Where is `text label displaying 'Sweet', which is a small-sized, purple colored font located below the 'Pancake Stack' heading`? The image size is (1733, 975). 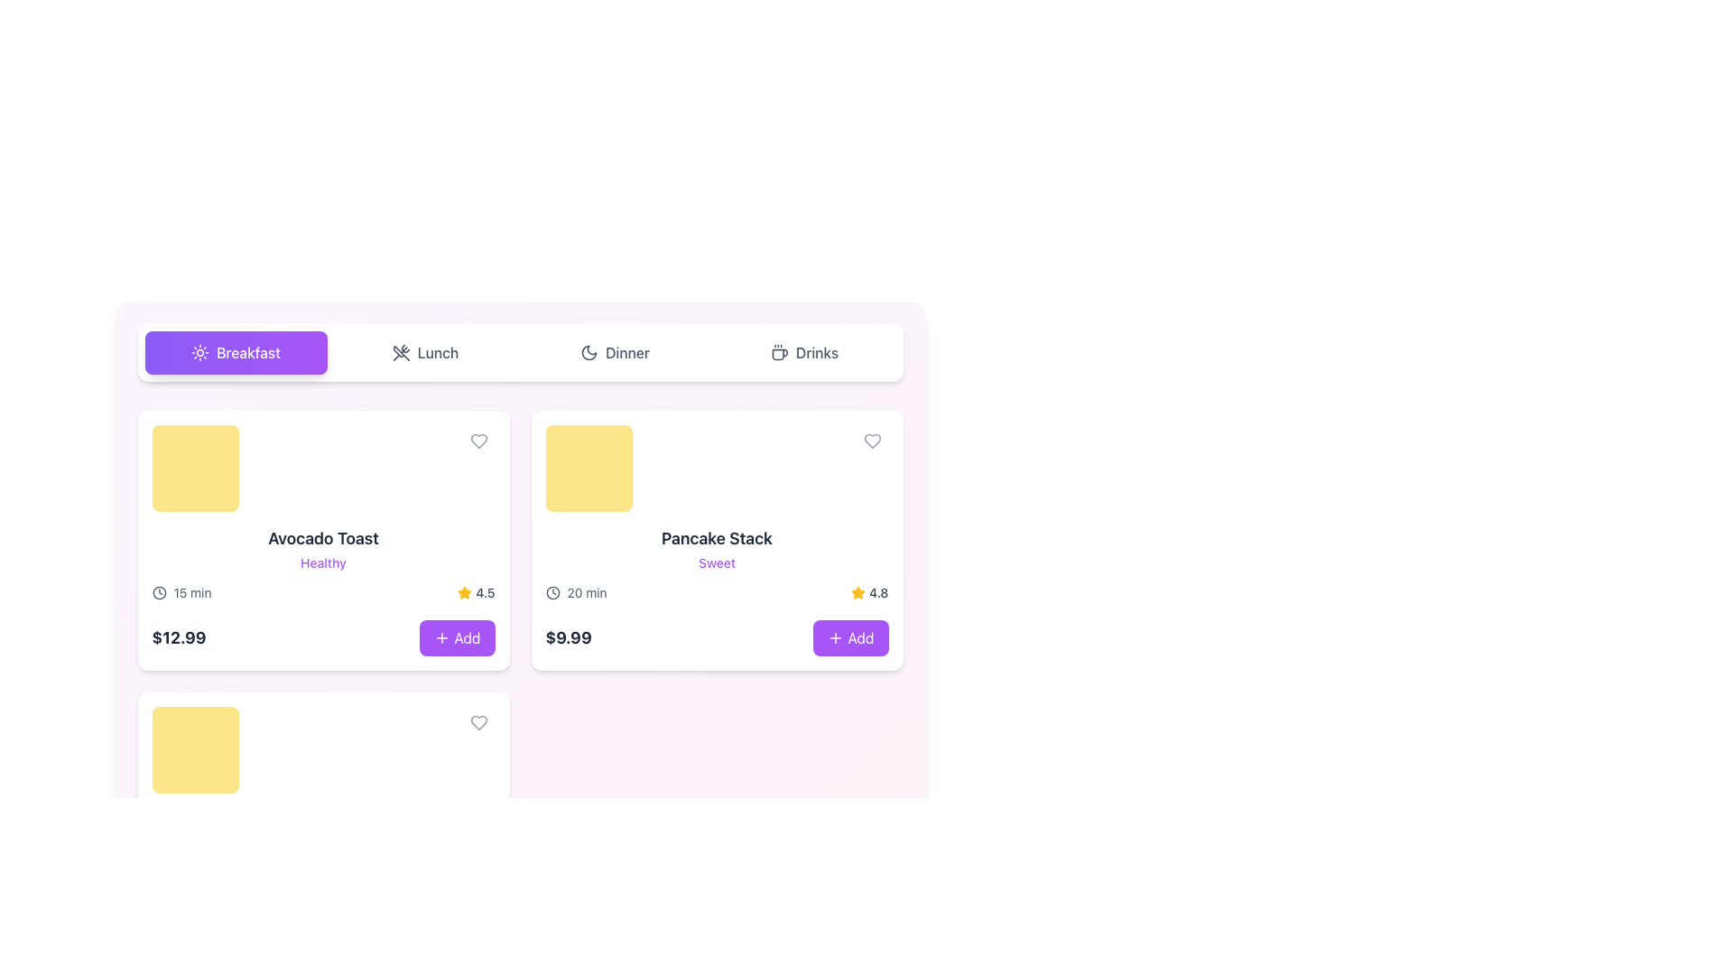
text label displaying 'Sweet', which is a small-sized, purple colored font located below the 'Pancake Stack' heading is located at coordinates (716, 562).